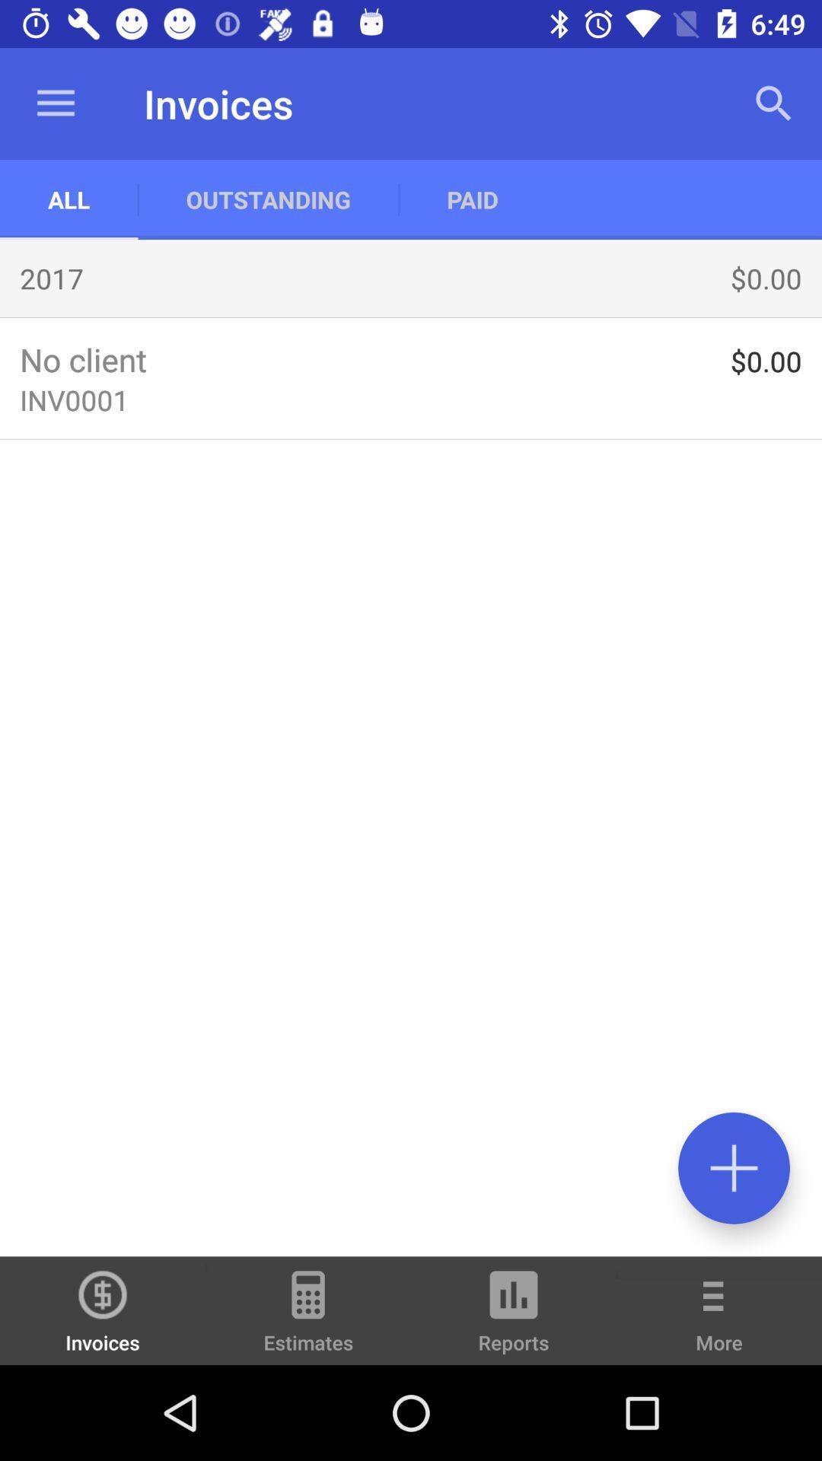 Image resolution: width=822 pixels, height=1461 pixels. Describe the element at coordinates (308, 1317) in the screenshot. I see `the estimates icon` at that location.